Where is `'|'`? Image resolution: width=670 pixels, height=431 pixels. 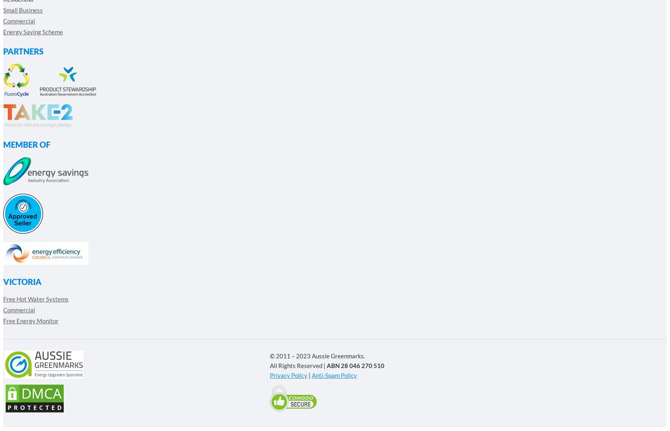 '|' is located at coordinates (309, 375).